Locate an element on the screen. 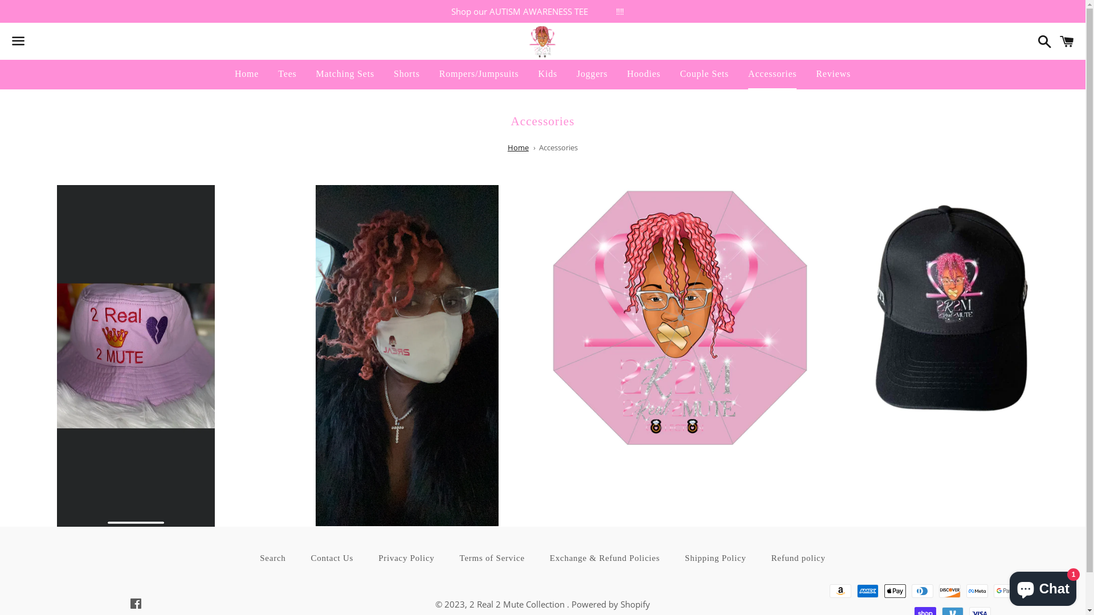 This screenshot has width=1094, height=615. 'Shipping Policy' is located at coordinates (715, 557).